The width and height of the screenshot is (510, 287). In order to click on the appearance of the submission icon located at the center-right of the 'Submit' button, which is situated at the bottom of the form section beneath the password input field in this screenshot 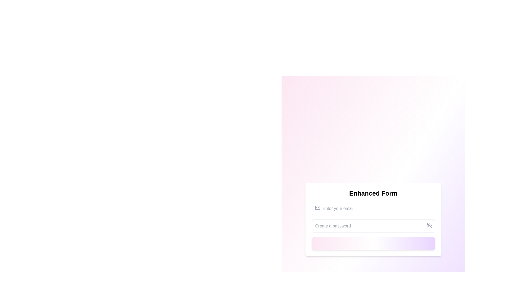, I will do `click(381, 243)`.